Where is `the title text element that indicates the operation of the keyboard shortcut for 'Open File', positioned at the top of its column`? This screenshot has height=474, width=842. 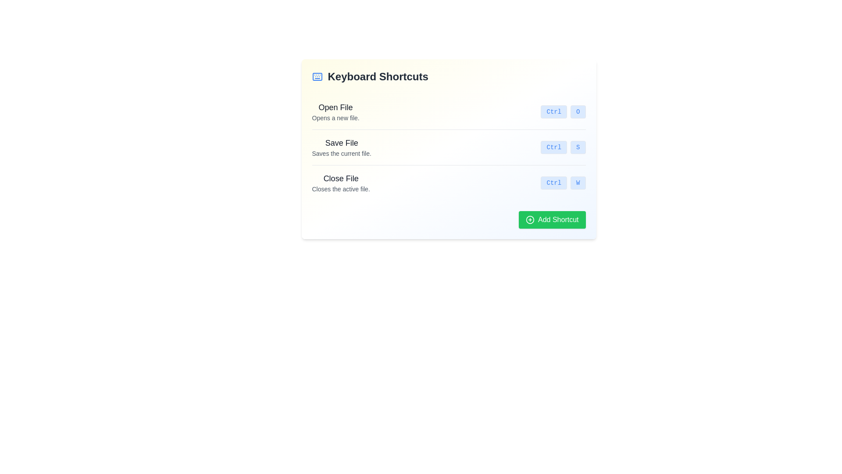 the title text element that indicates the operation of the keyboard shortcut for 'Open File', positioned at the top of its column is located at coordinates (335, 107).